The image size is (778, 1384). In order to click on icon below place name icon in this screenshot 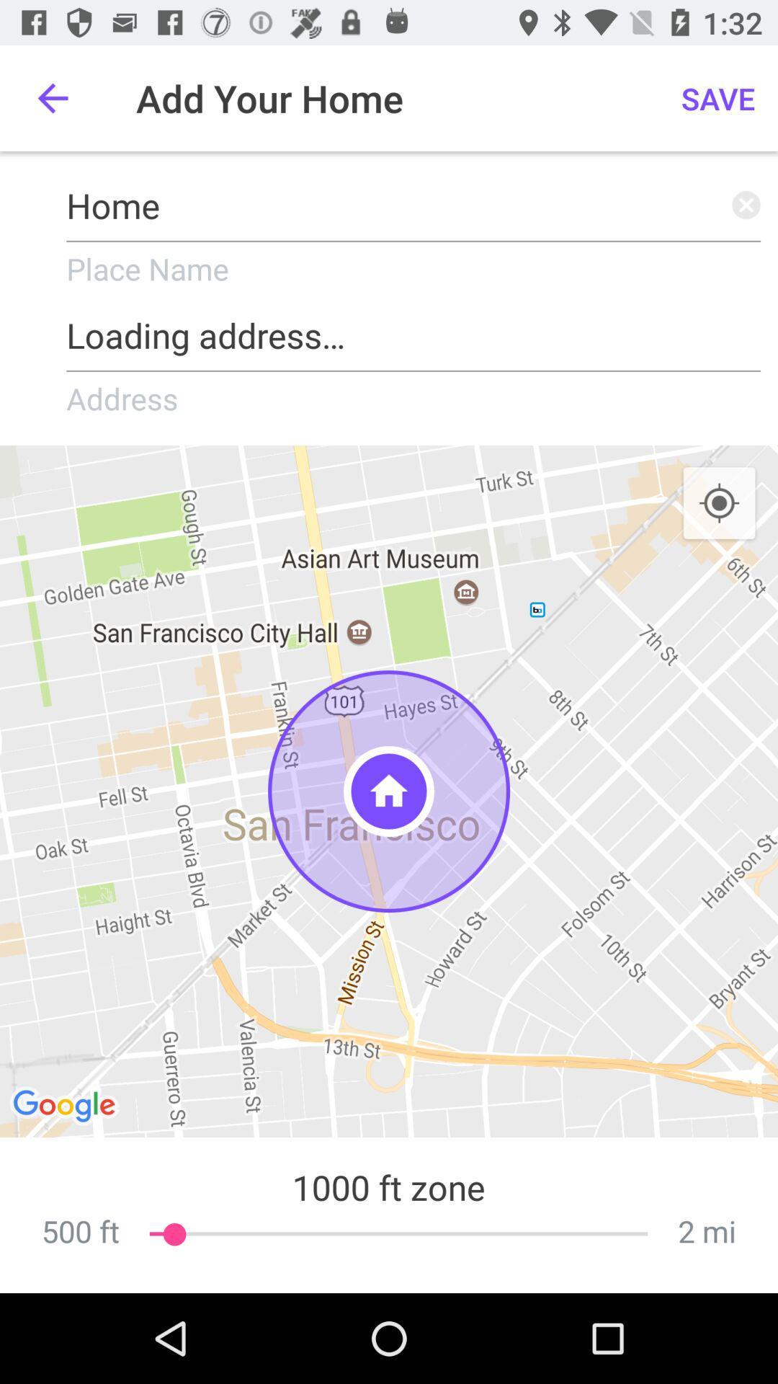, I will do `click(413, 329)`.